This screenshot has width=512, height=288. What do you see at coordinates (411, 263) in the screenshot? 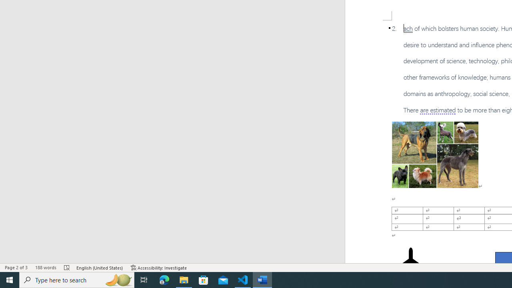
I see `'Airplane with solid fill'` at bounding box center [411, 263].